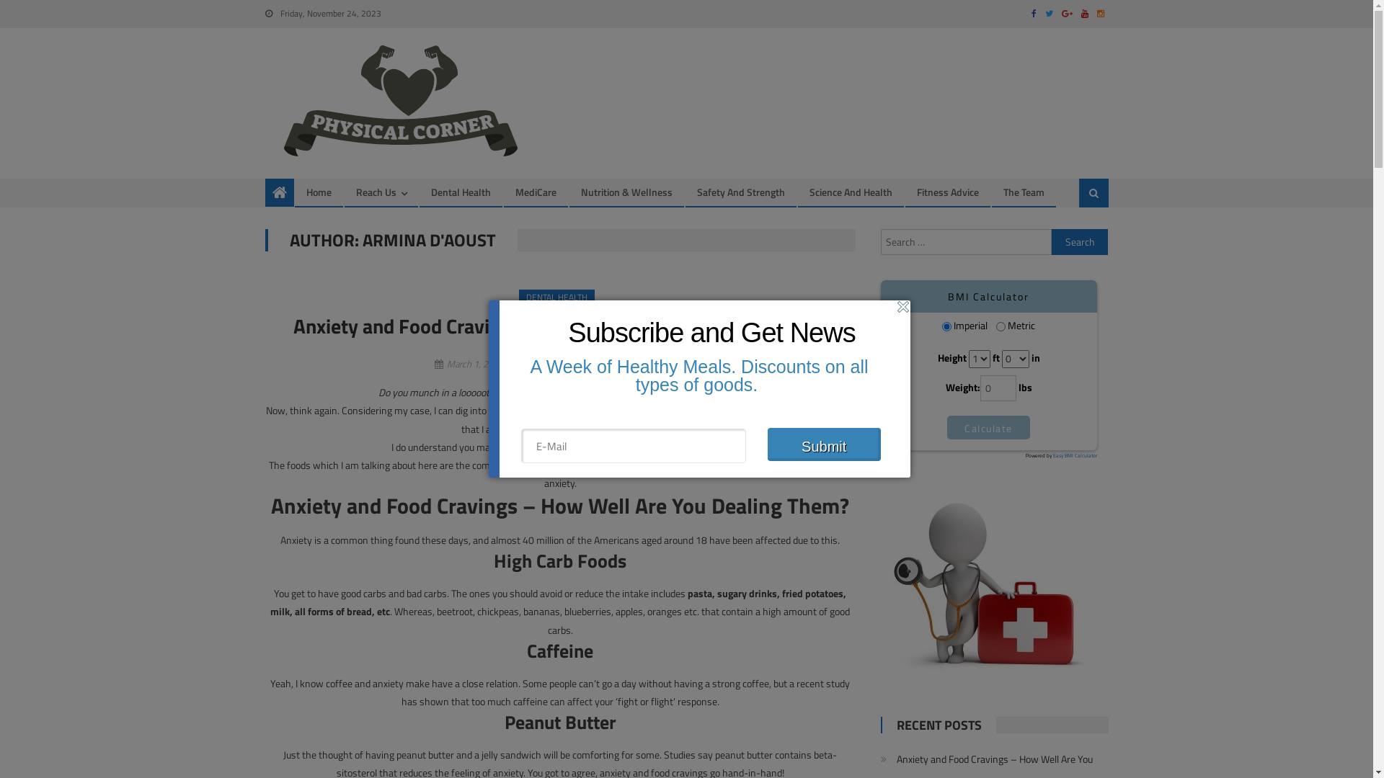  I want to click on 'Reach Us', so click(376, 191).